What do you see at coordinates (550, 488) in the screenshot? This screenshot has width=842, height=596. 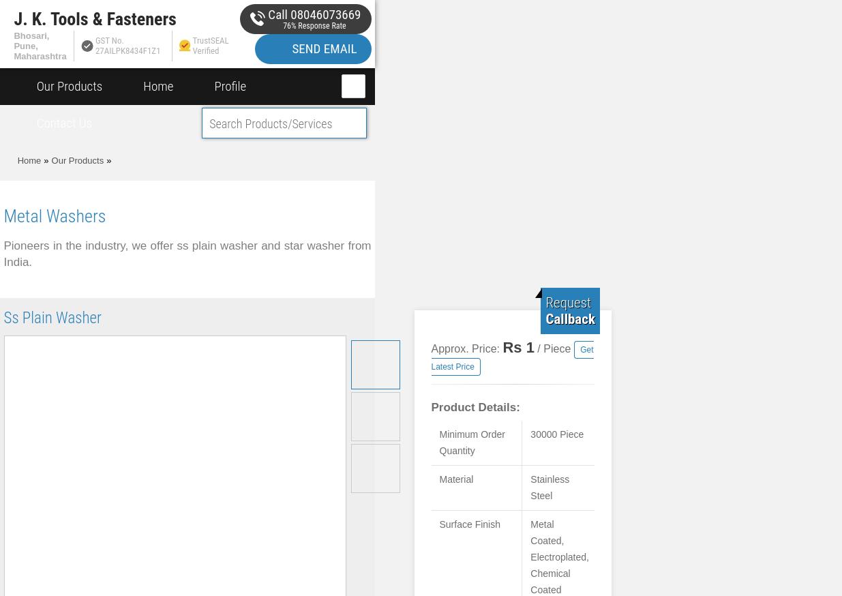 I see `'Stainless Steel'` at bounding box center [550, 488].